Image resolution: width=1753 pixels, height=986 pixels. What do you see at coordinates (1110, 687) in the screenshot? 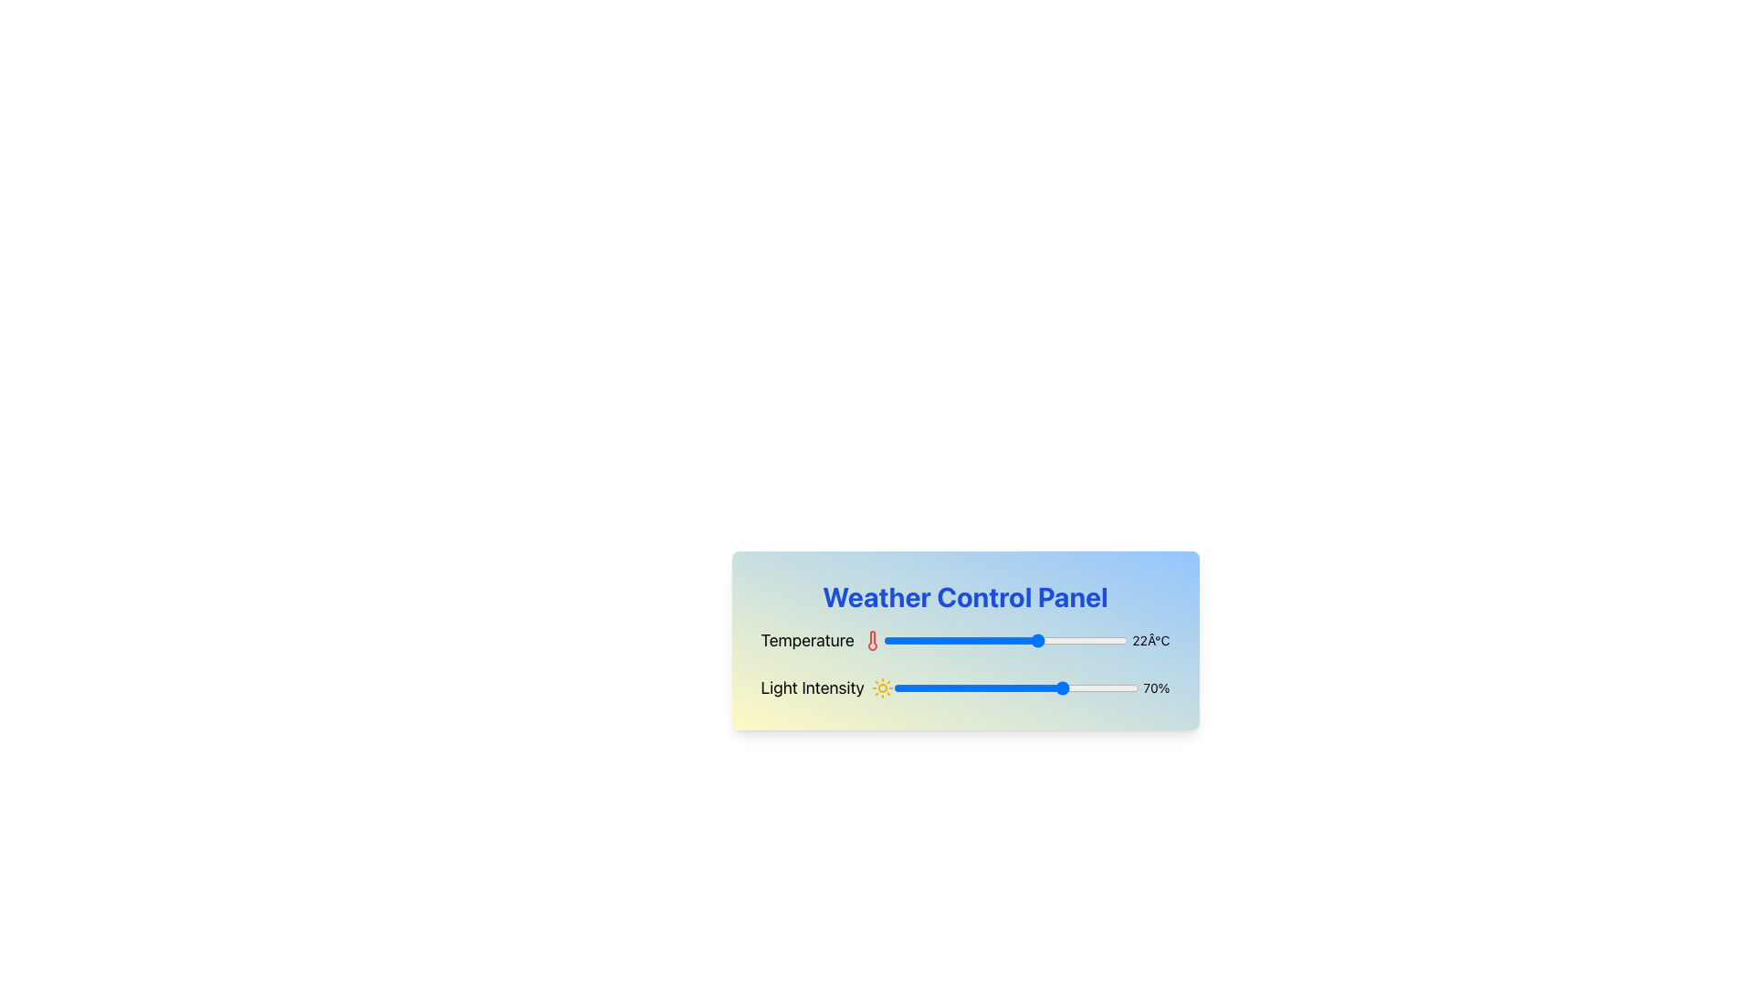
I see `light intensity` at bounding box center [1110, 687].